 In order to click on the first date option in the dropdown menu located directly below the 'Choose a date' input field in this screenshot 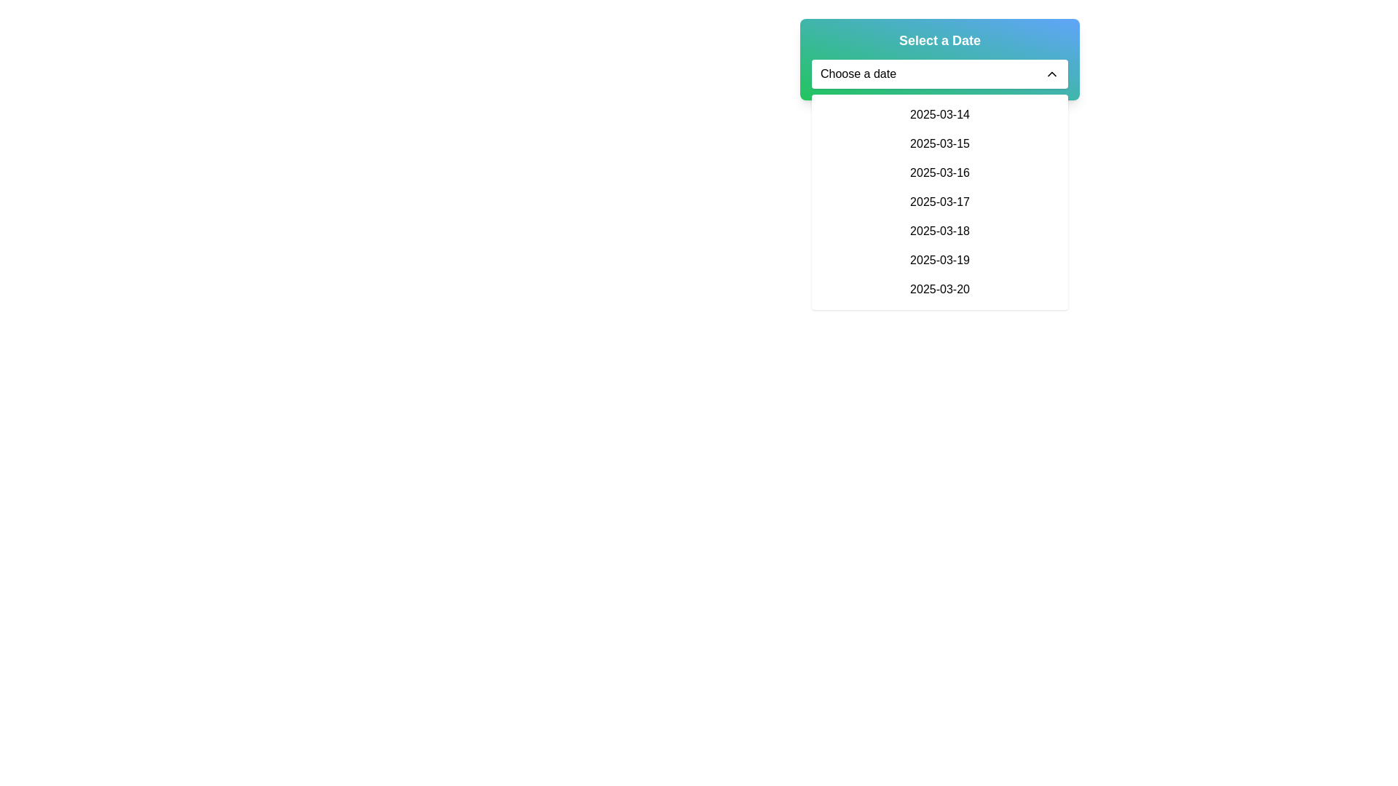, I will do `click(940, 114)`.